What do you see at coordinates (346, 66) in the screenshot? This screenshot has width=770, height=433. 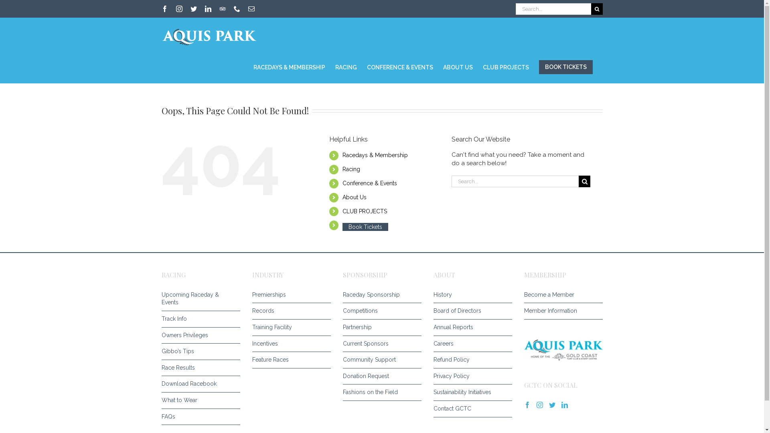 I see `'RACING'` at bounding box center [346, 66].